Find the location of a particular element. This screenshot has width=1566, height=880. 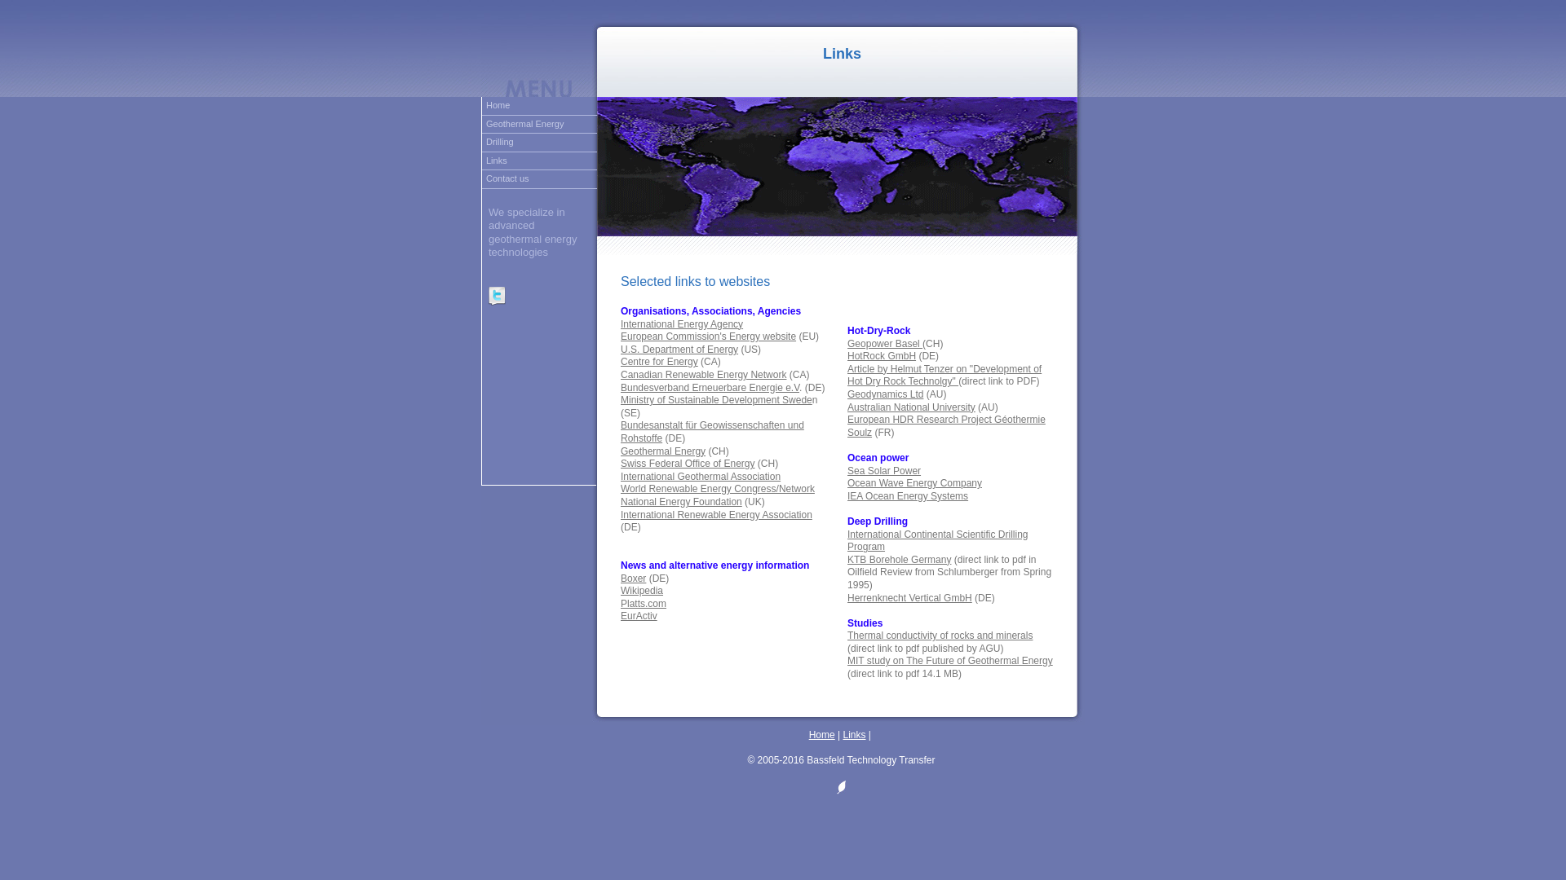

'National Energy Foundation' is located at coordinates (681, 501).